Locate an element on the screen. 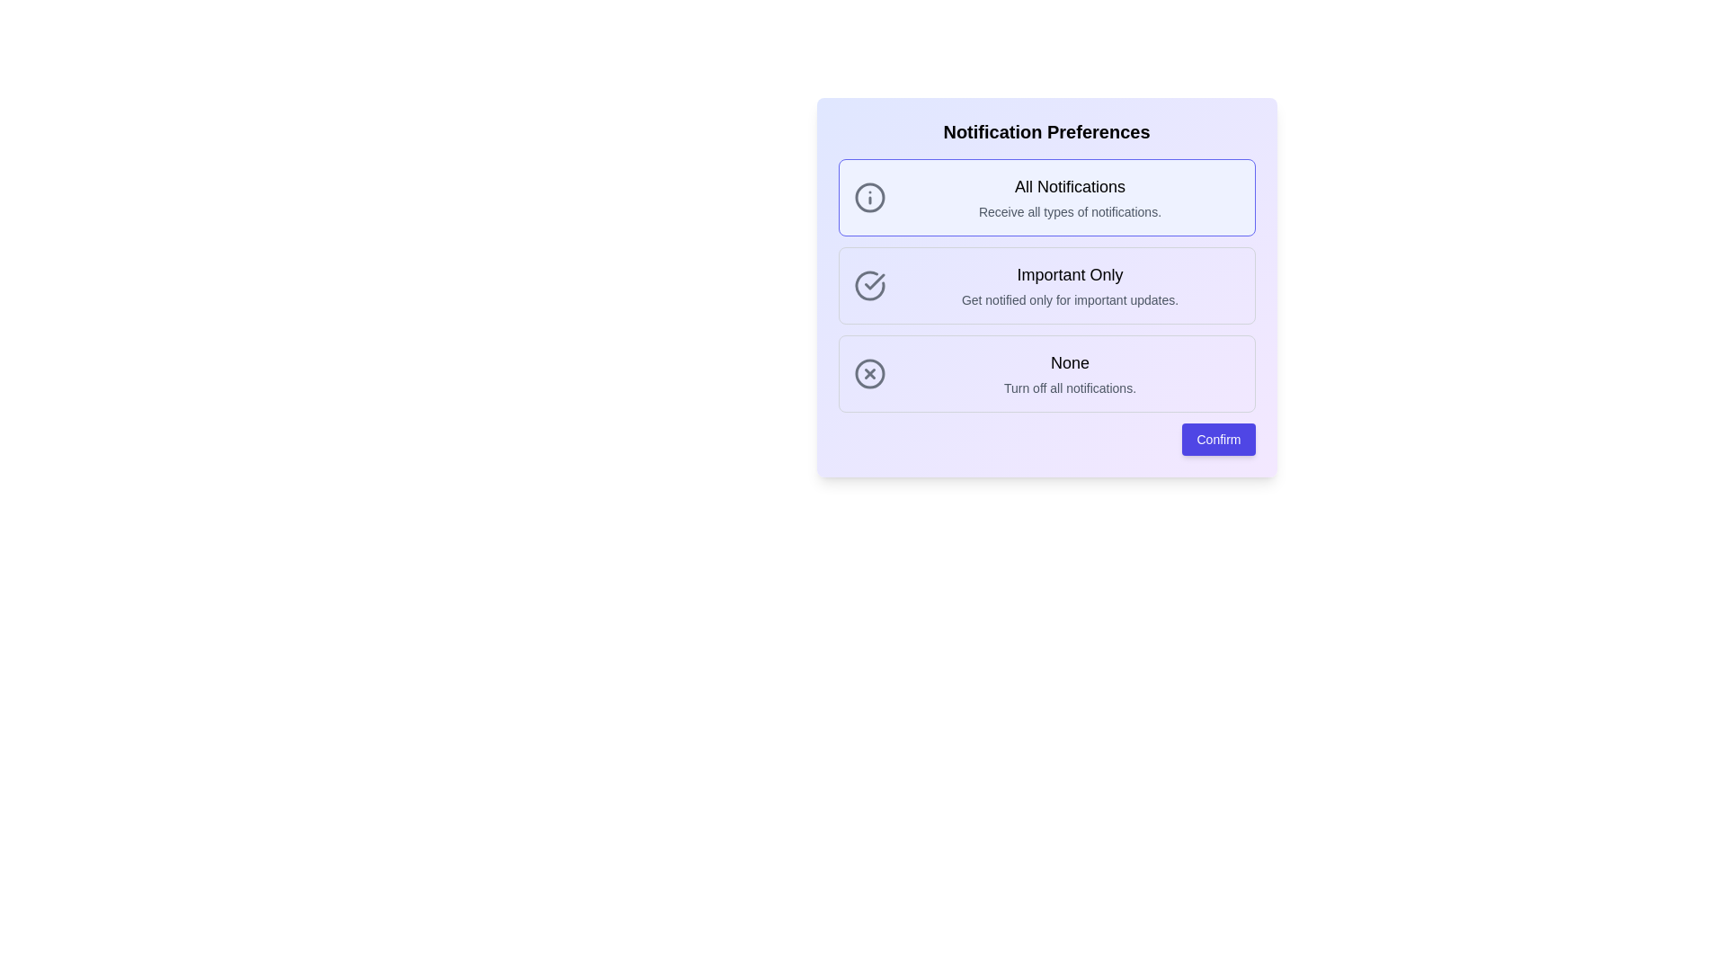 The height and width of the screenshot is (971, 1726). the descriptive text label that explains the 'None' notification preference option, located on the bottom portion of the 'None' option is located at coordinates (1070, 388).